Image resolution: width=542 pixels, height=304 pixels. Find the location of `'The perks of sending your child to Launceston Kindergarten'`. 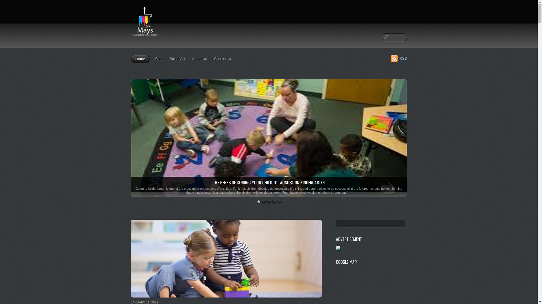

'The perks of sending your child to Launceston Kindergarten' is located at coordinates (268, 194).